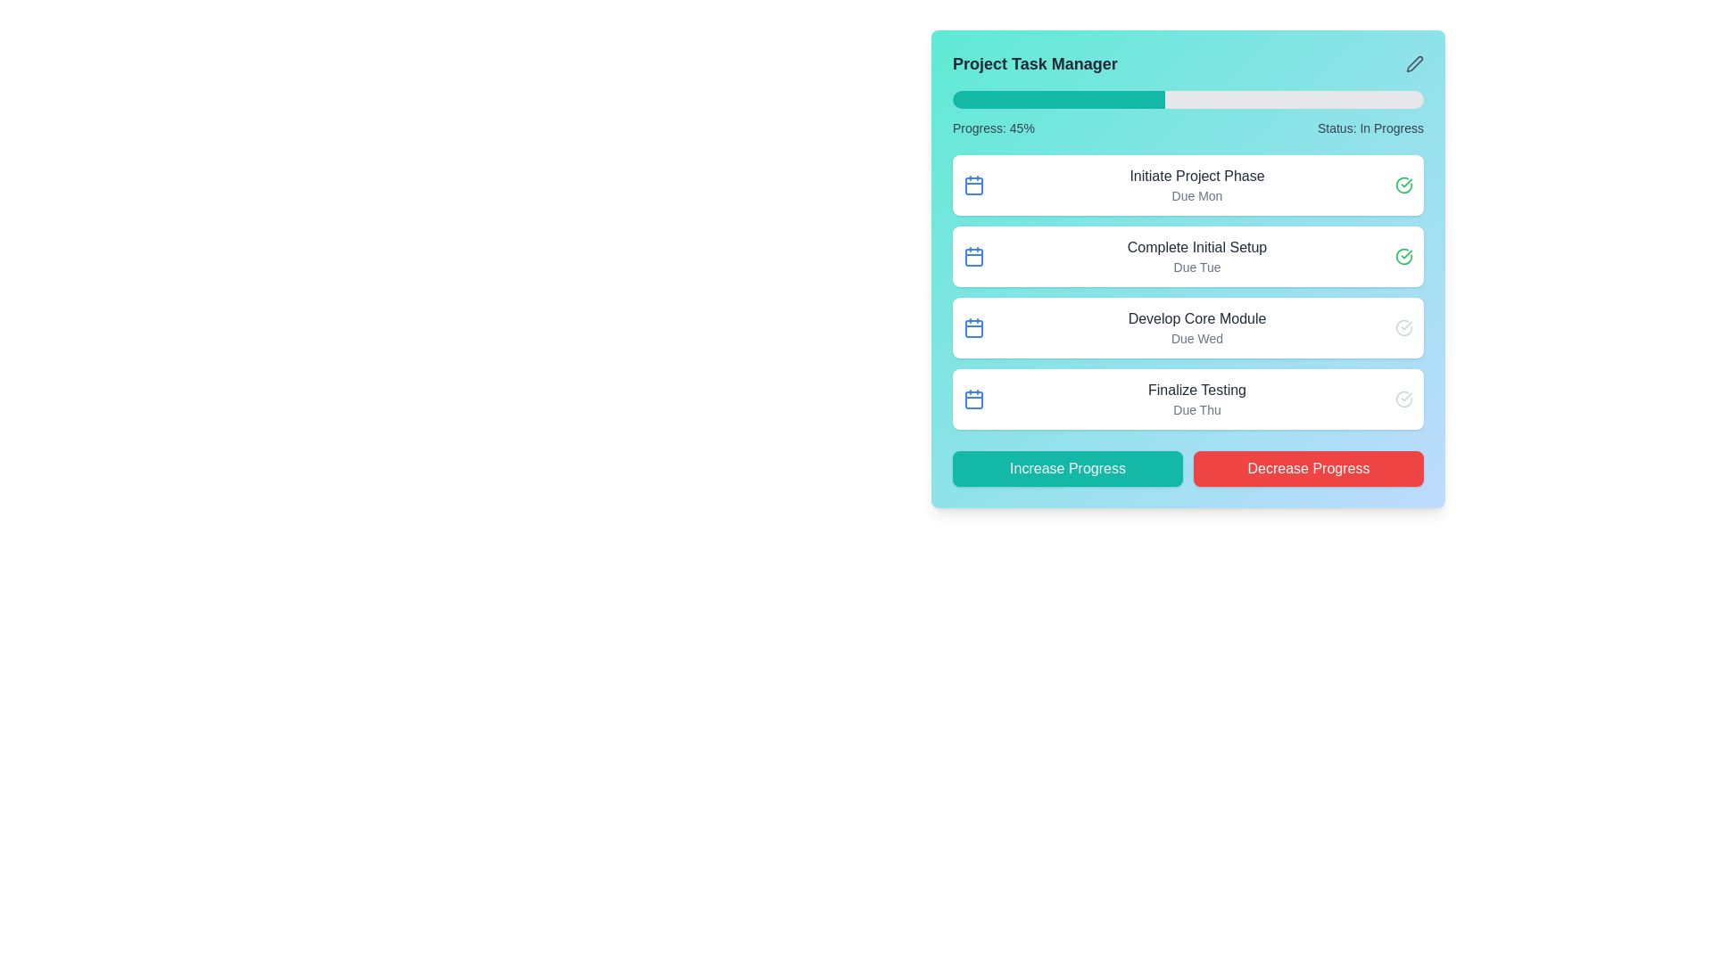  I want to click on the text label displaying 'Finalize Testing' located in the fourth task row under the 'Due Thu' label, so click(1197, 390).